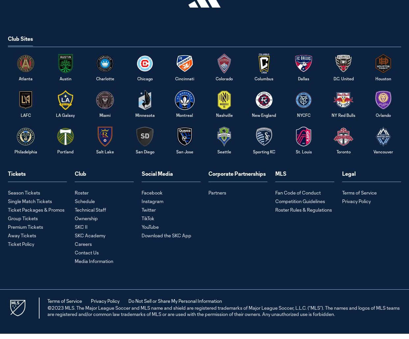  What do you see at coordinates (36, 209) in the screenshot?
I see `'Ticket Packages & Promos'` at bounding box center [36, 209].